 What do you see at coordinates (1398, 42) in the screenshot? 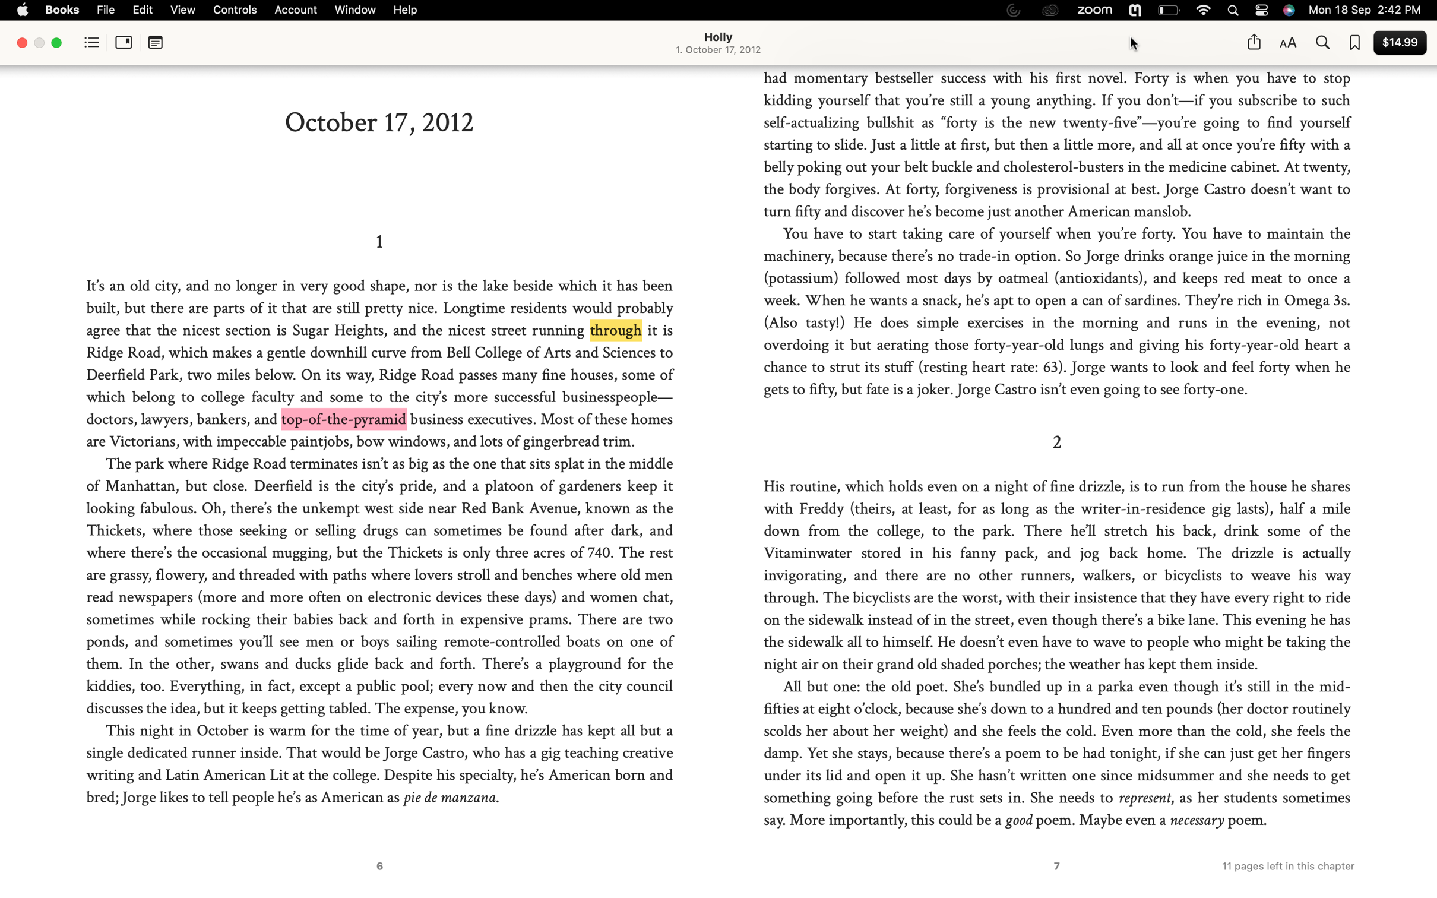
I see `Proceed with buying the displayed book` at bounding box center [1398, 42].